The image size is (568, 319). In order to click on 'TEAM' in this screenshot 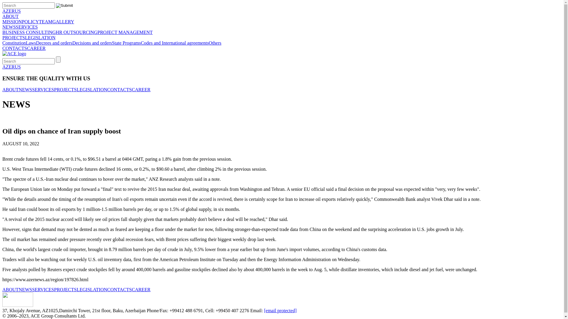, I will do `click(45, 21)`.